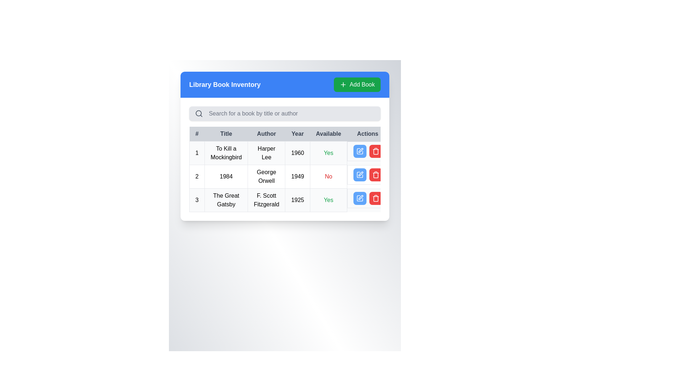 This screenshot has height=391, width=696. I want to click on the text label displaying 'To Kill a Mockingbird' which is centrally aligned in a light gray rectangular background under the 'Title' column of the table, so click(226, 153).